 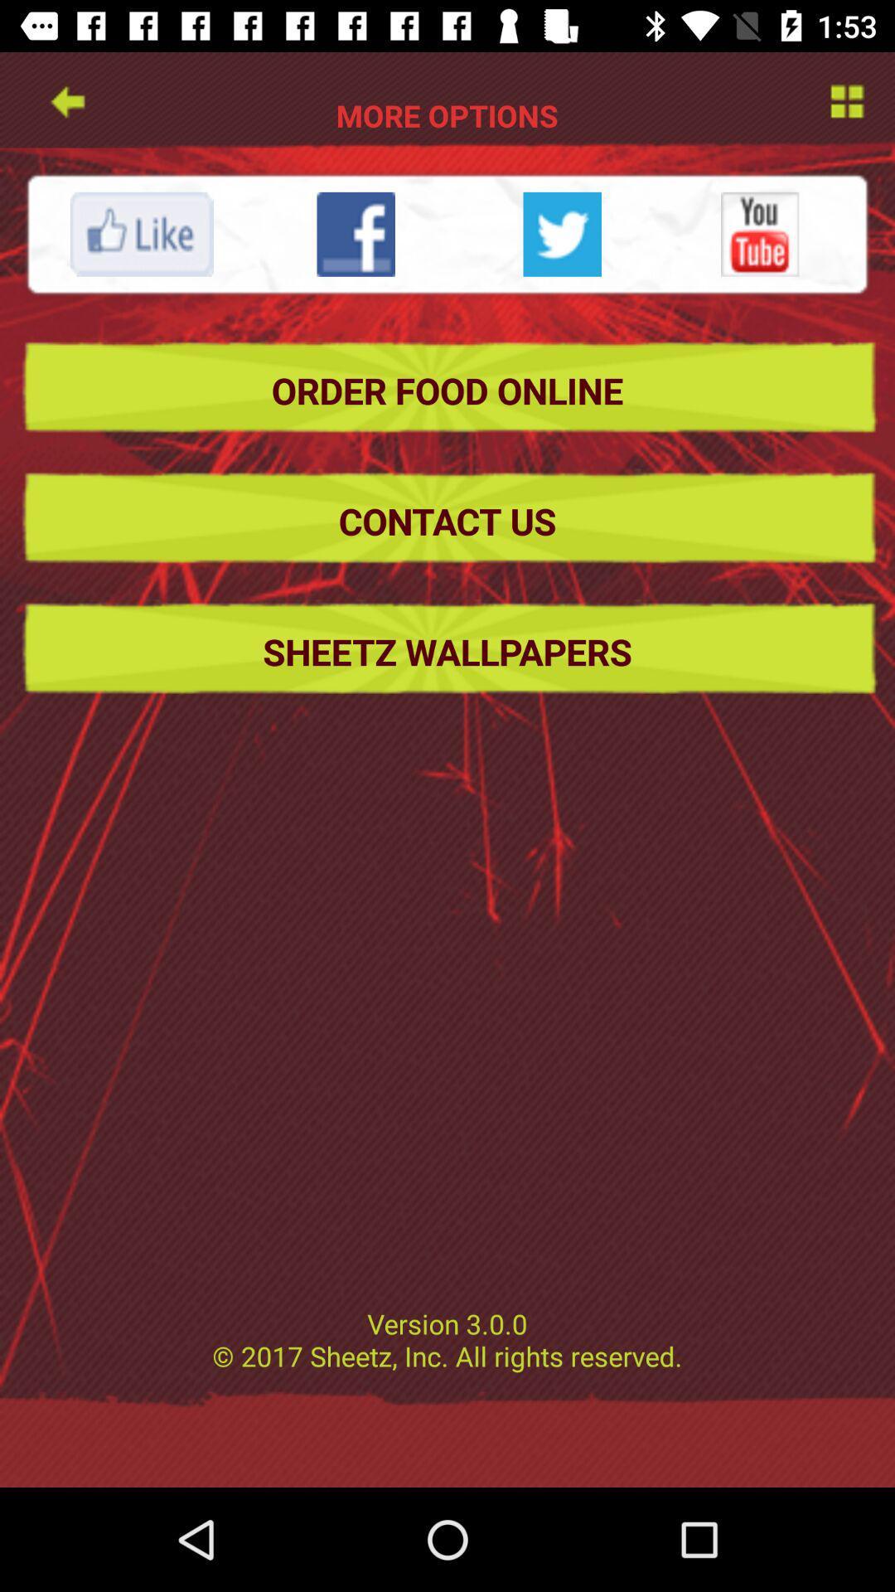 I want to click on more, so click(x=846, y=99).